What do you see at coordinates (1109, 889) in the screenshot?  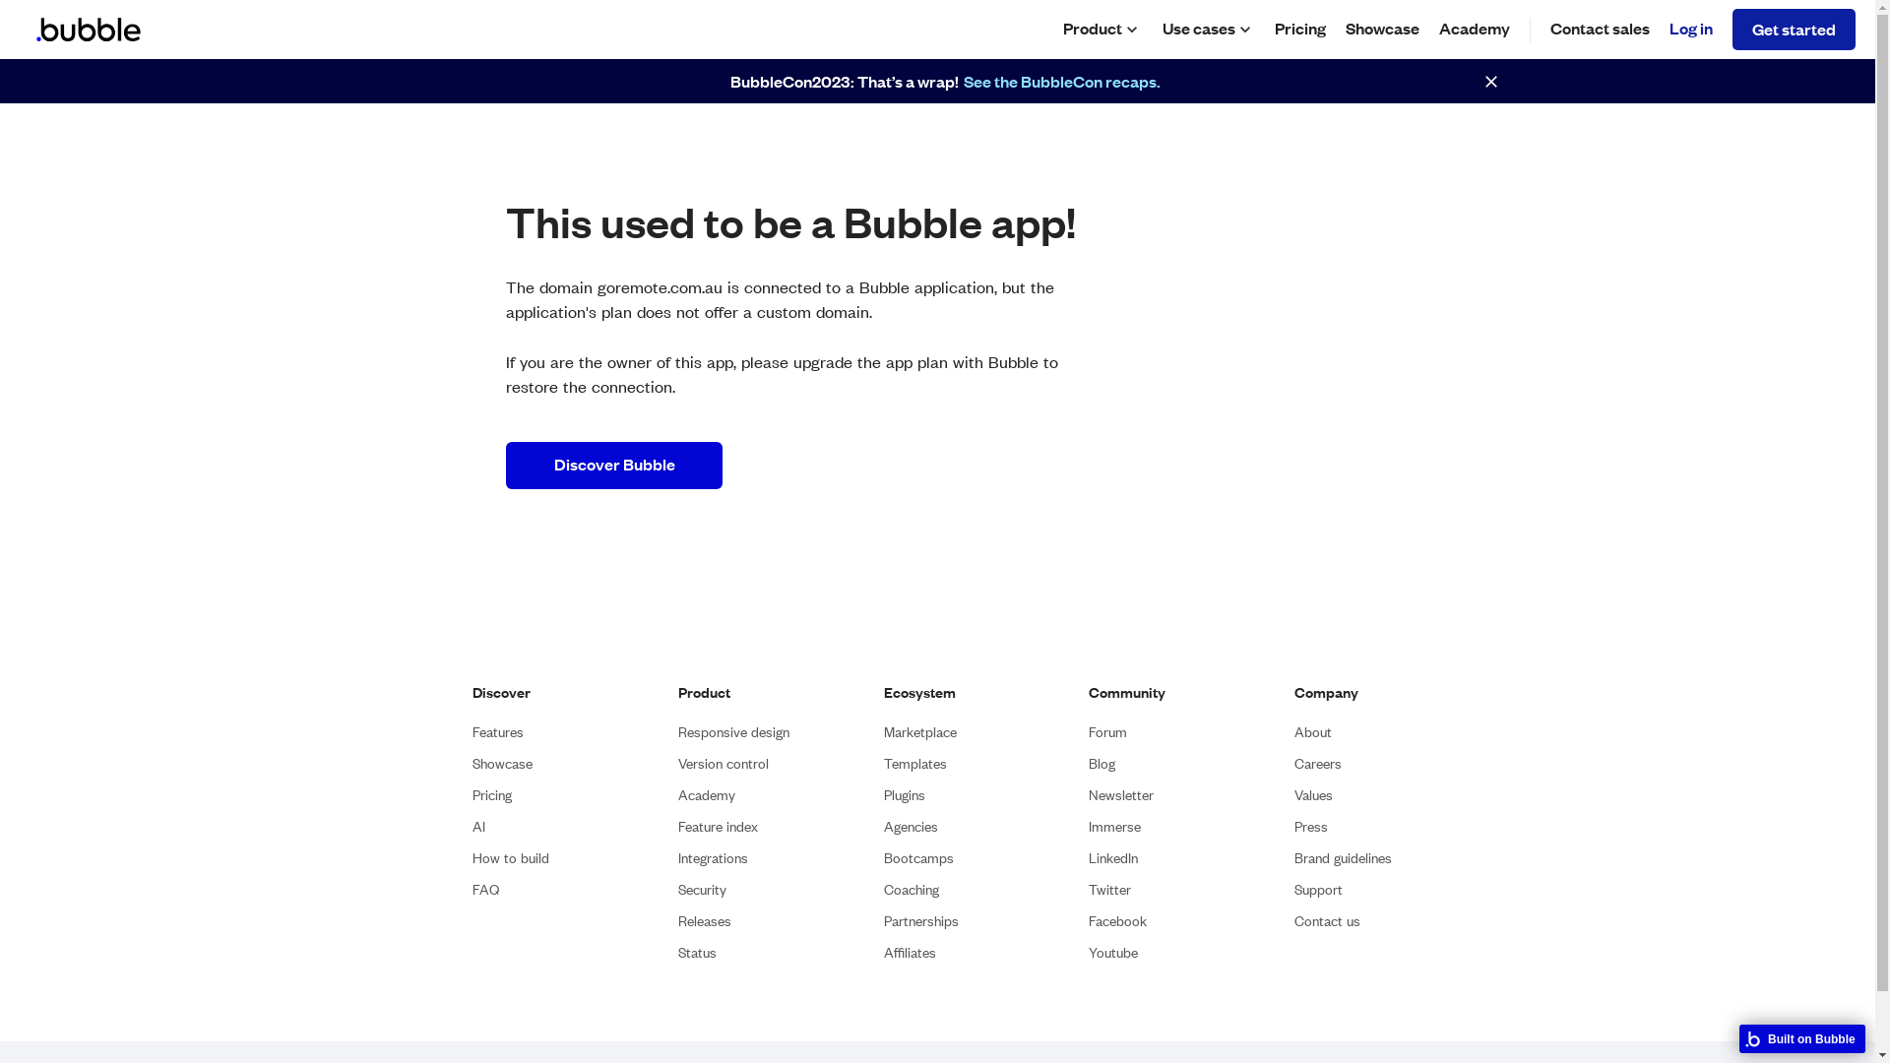 I see `'Twitter'` at bounding box center [1109, 889].